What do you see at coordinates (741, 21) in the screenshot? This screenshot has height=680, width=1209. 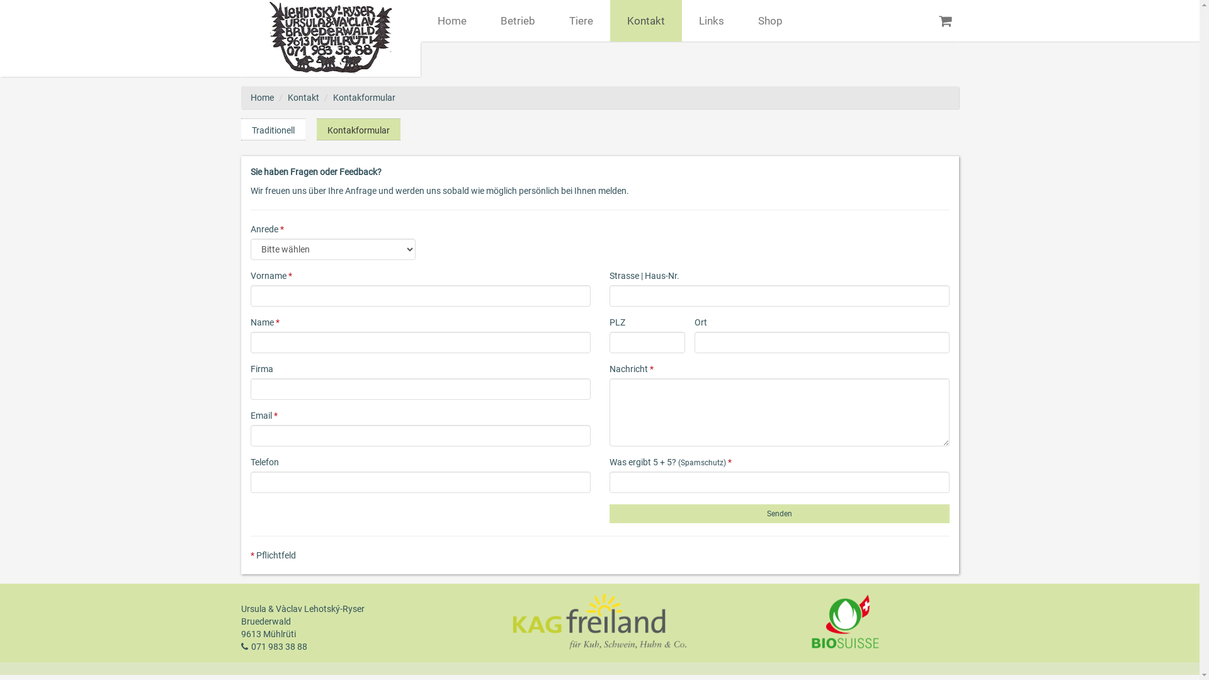 I see `'Shop'` at bounding box center [741, 21].